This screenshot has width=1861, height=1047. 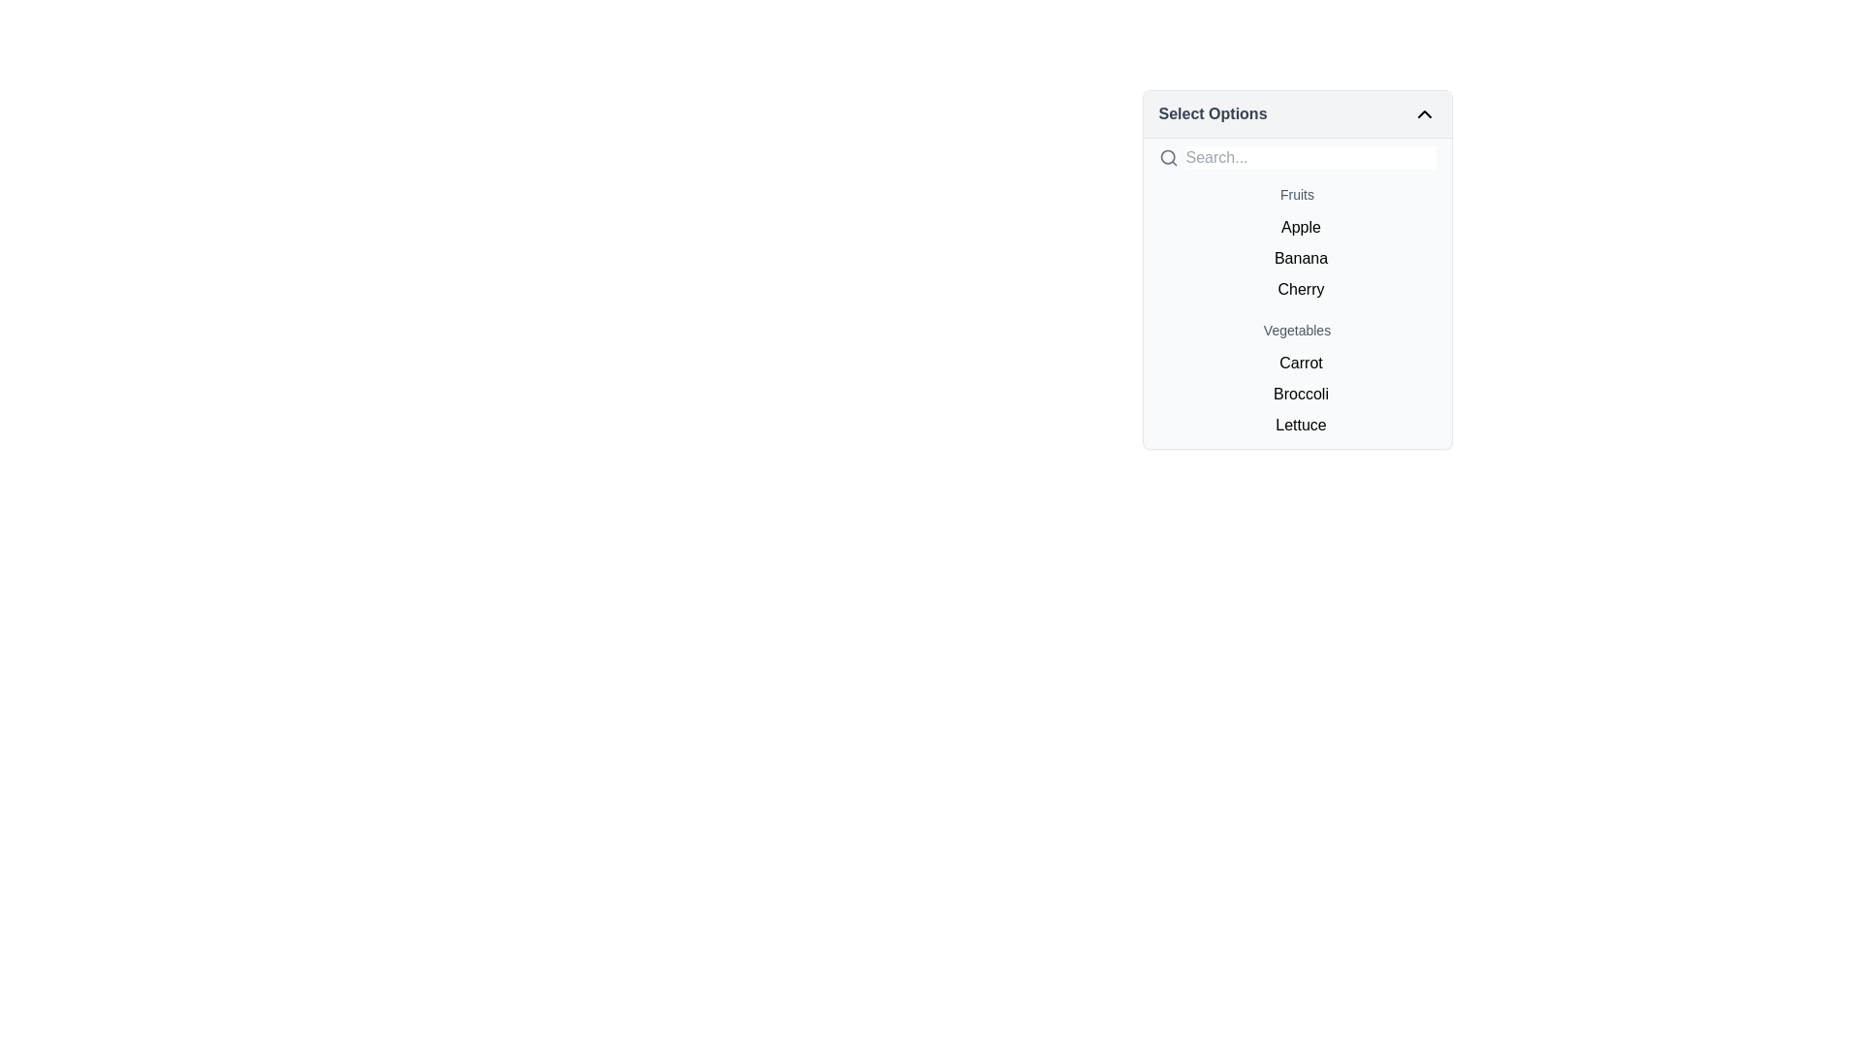 I want to click on text label 'Vegetables' which is displayed in a medium gray font, centered horizontally above the list of items including 'Carrot,' 'Broccoli,' and 'Lettuce.', so click(x=1297, y=329).